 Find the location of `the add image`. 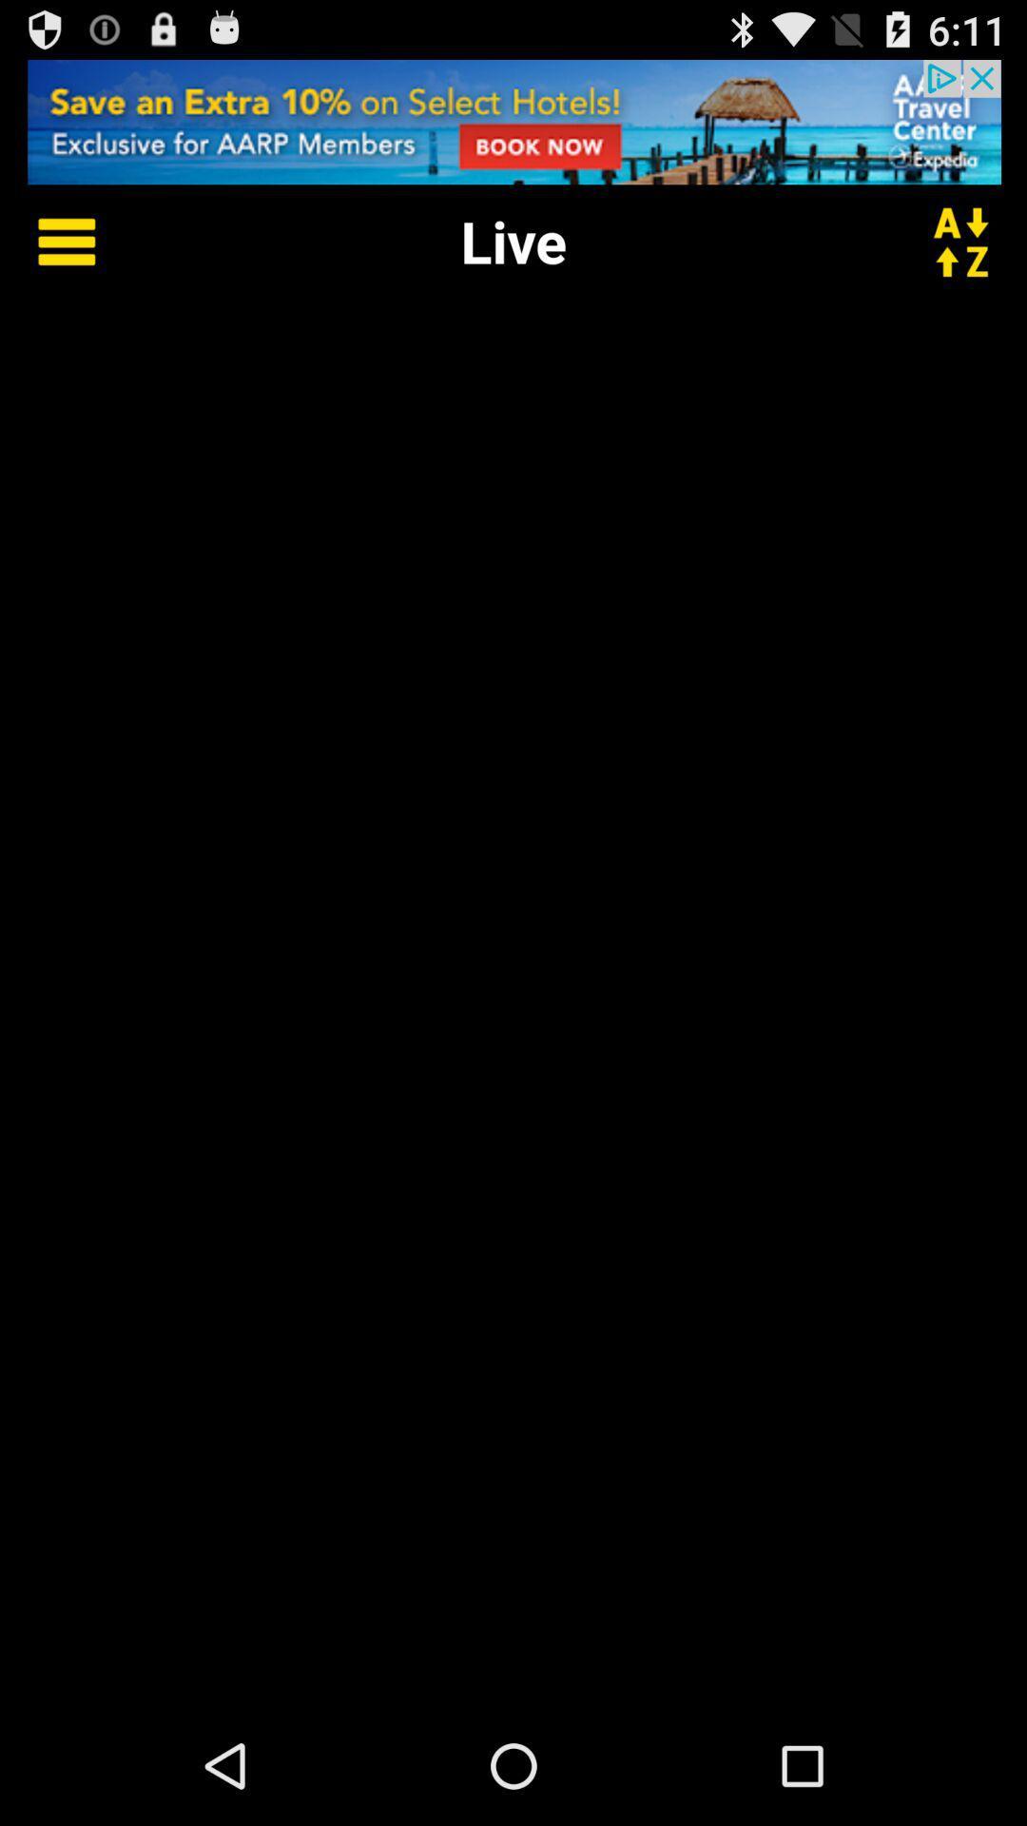

the add image is located at coordinates (513, 121).